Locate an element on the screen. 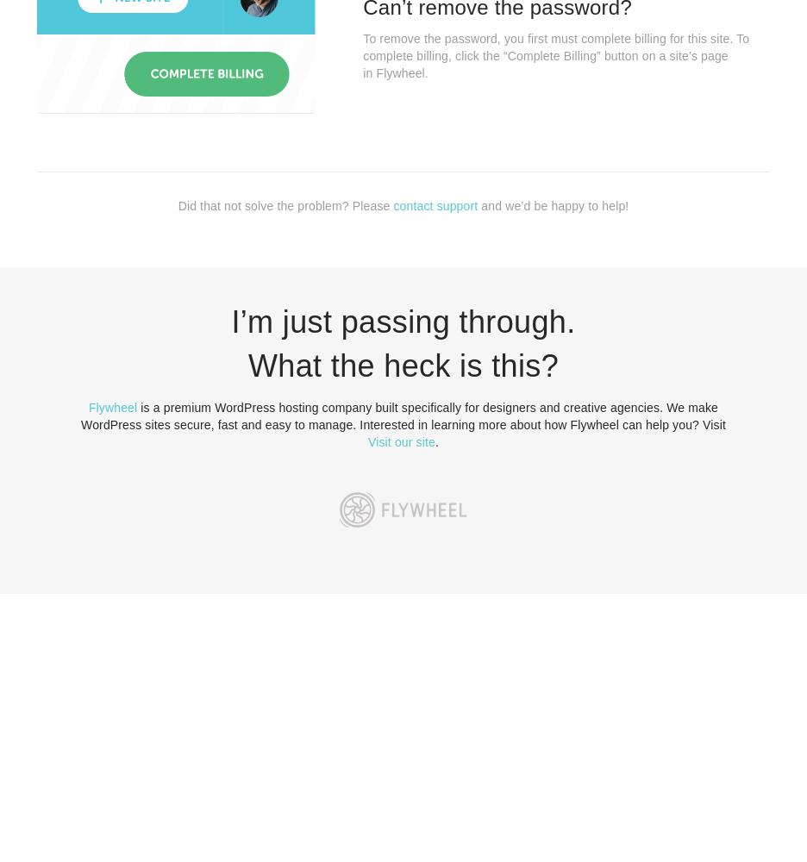  'is a premium WordPress hosting company built specifically for designers and creative agencies. We make WordPress sites secure, fast and easy to manage. Interested in learning more about how Flywheel can help you? Visit' is located at coordinates (403, 415).